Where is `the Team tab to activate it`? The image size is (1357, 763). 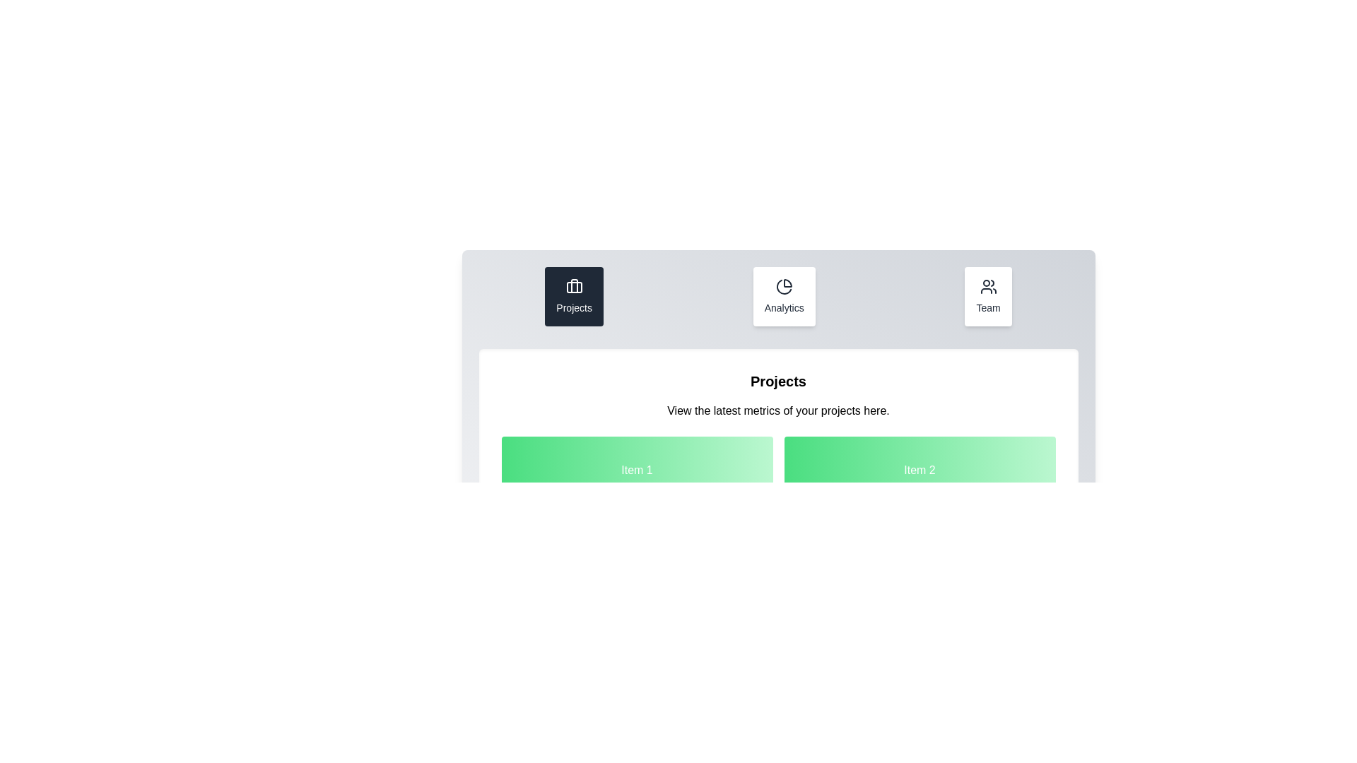 the Team tab to activate it is located at coordinates (987, 296).